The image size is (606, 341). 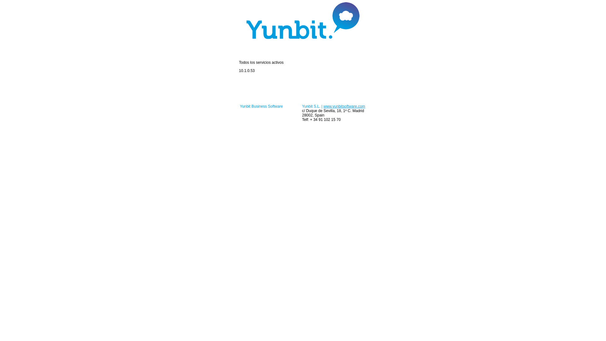 What do you see at coordinates (344, 106) in the screenshot?
I see `'www.yunbitsoftware.com'` at bounding box center [344, 106].